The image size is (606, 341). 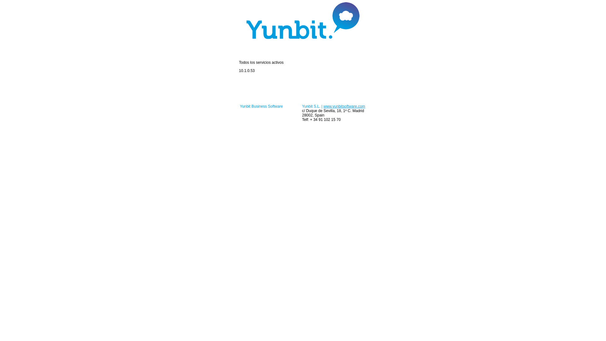 What do you see at coordinates (344, 106) in the screenshot?
I see `'www.yunbitsoftware.com'` at bounding box center [344, 106].